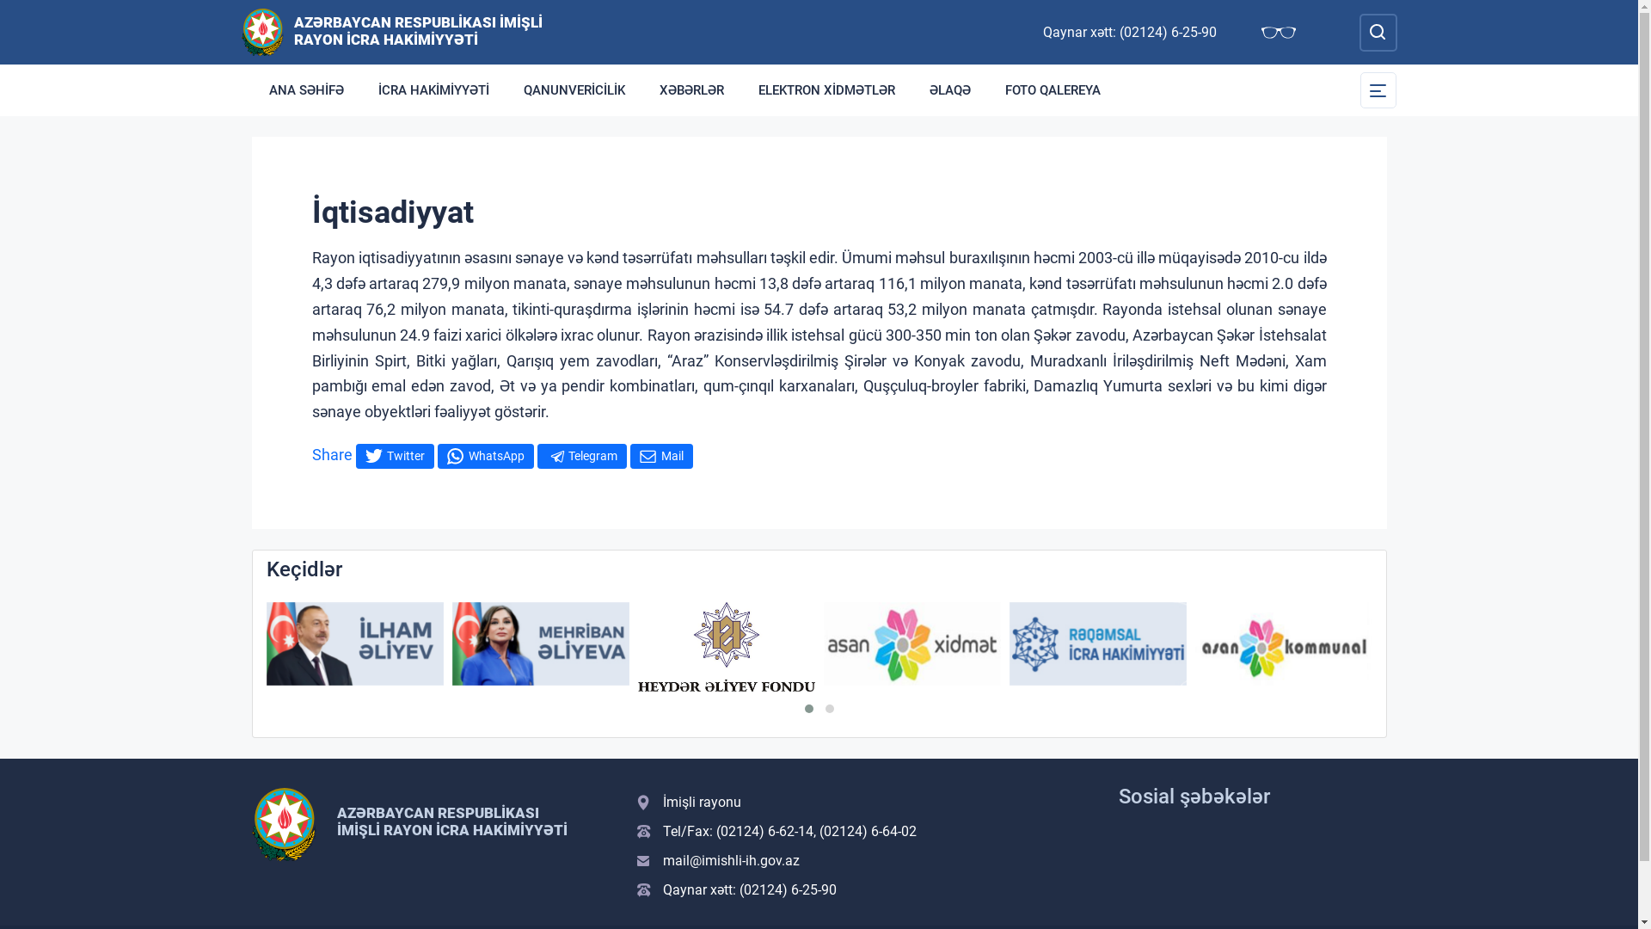  I want to click on 'WhatsApp', so click(484, 455).